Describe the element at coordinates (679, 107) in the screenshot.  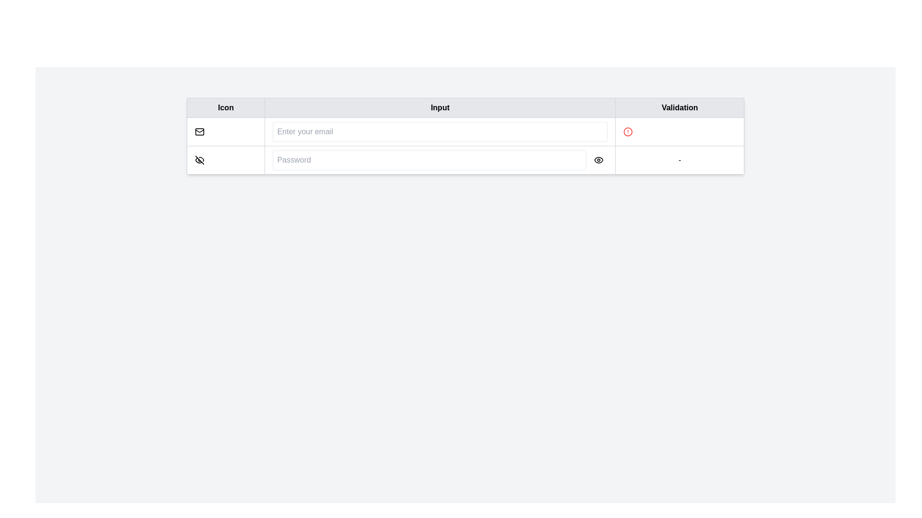
I see `the 'Validation' label in the third column of the row, located to the right of 'Icon' and 'Input'` at that location.